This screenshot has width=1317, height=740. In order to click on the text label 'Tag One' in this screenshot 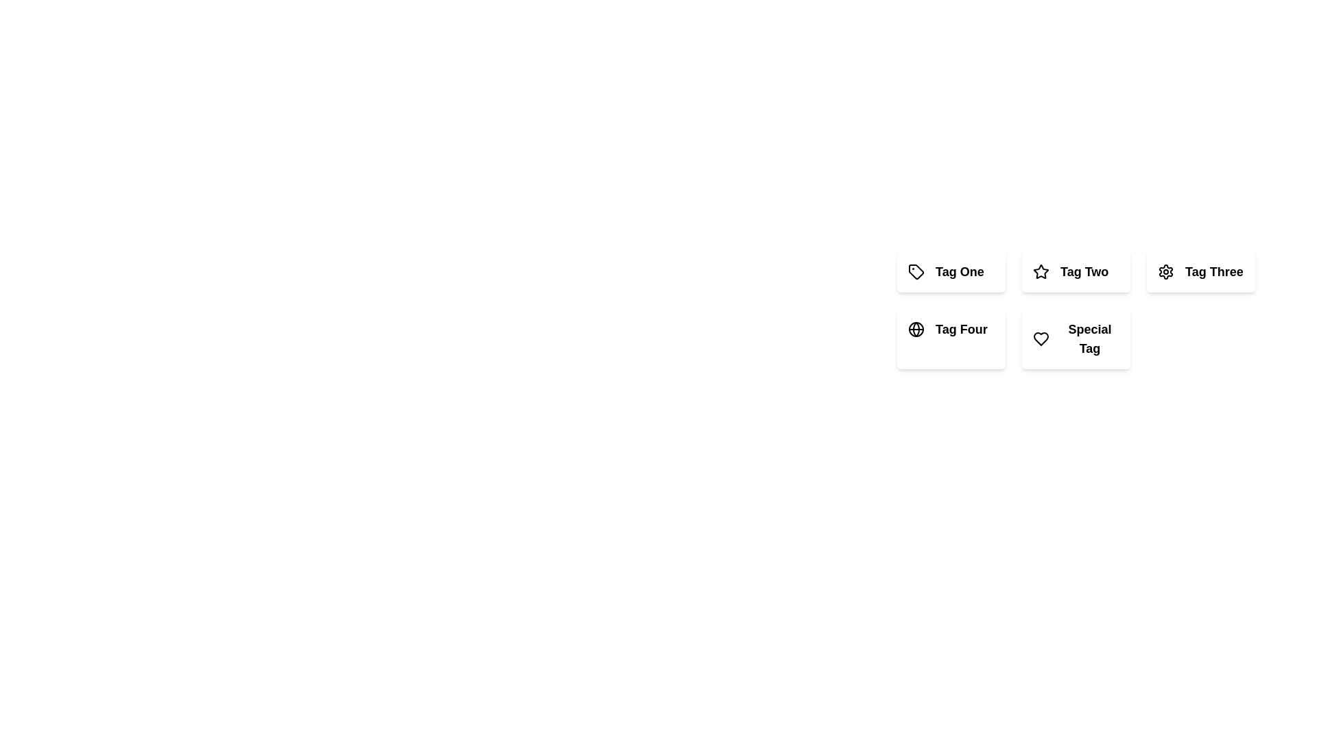, I will do `click(959, 272)`.